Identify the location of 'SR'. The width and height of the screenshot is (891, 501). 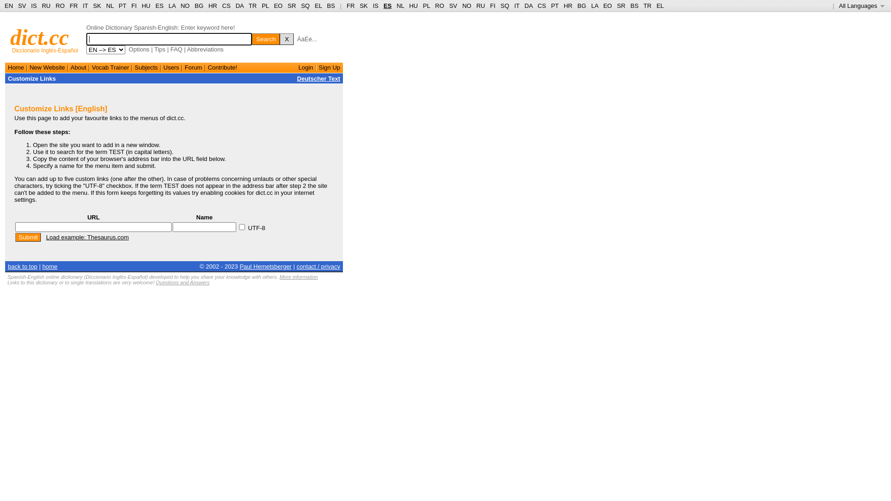
(291, 6).